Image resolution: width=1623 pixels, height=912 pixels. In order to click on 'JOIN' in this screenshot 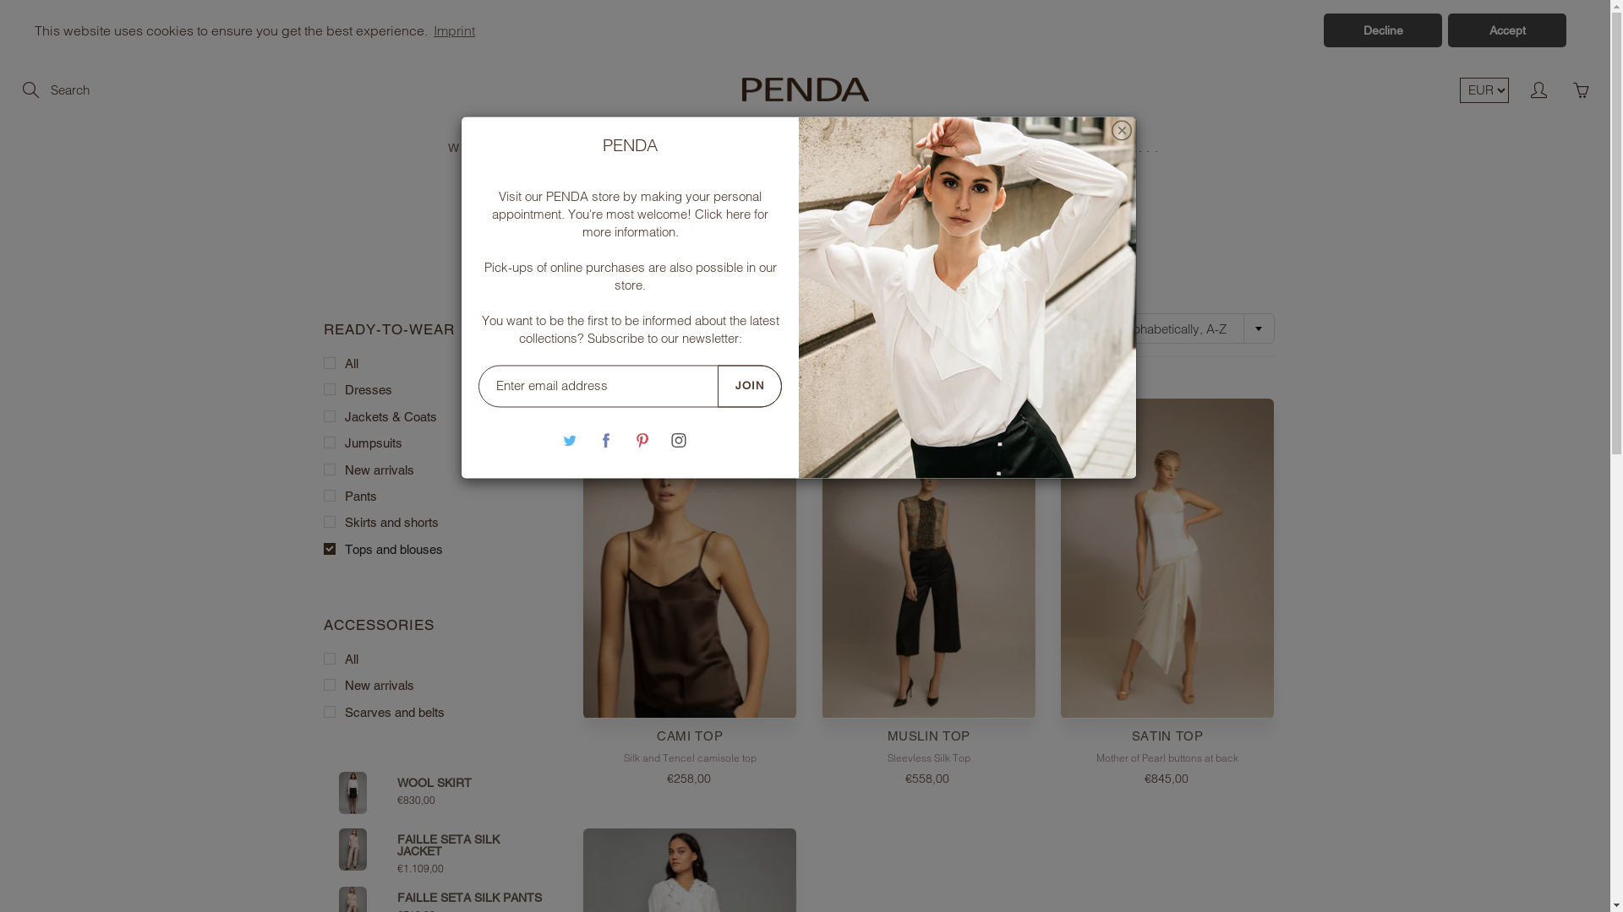, I will do `click(749, 385)`.